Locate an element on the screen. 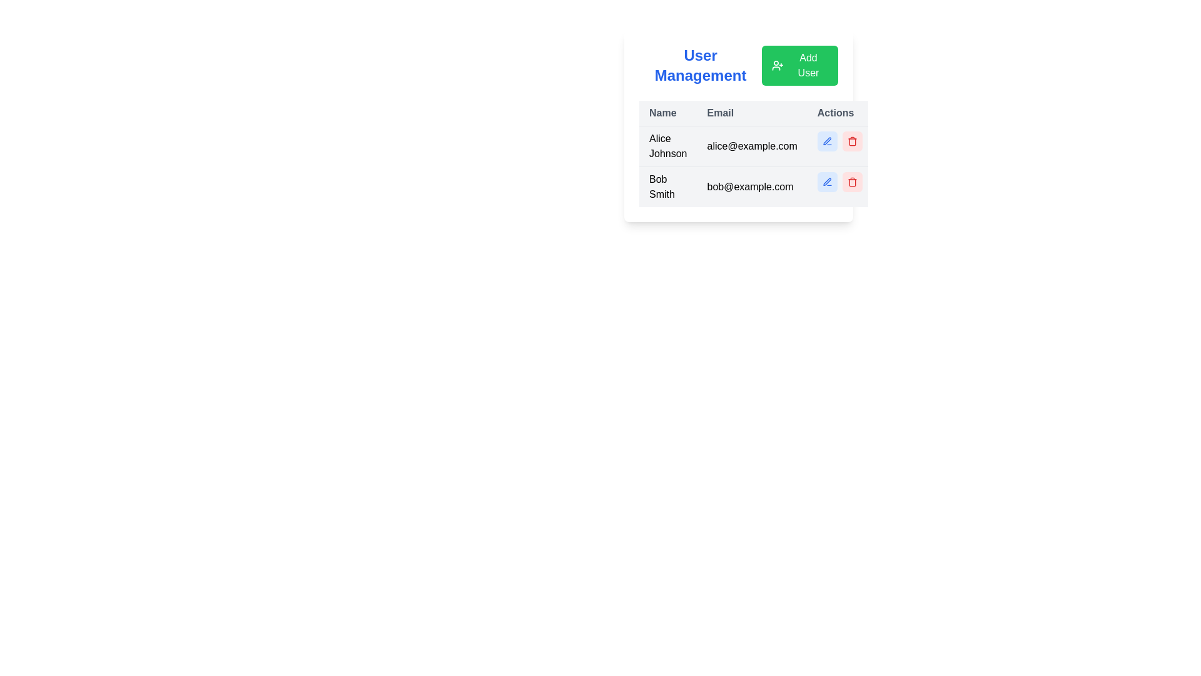  the text label displaying 'Alice Johnson', which is the first cell in the 'Name' column of a table is located at coordinates (667, 146).